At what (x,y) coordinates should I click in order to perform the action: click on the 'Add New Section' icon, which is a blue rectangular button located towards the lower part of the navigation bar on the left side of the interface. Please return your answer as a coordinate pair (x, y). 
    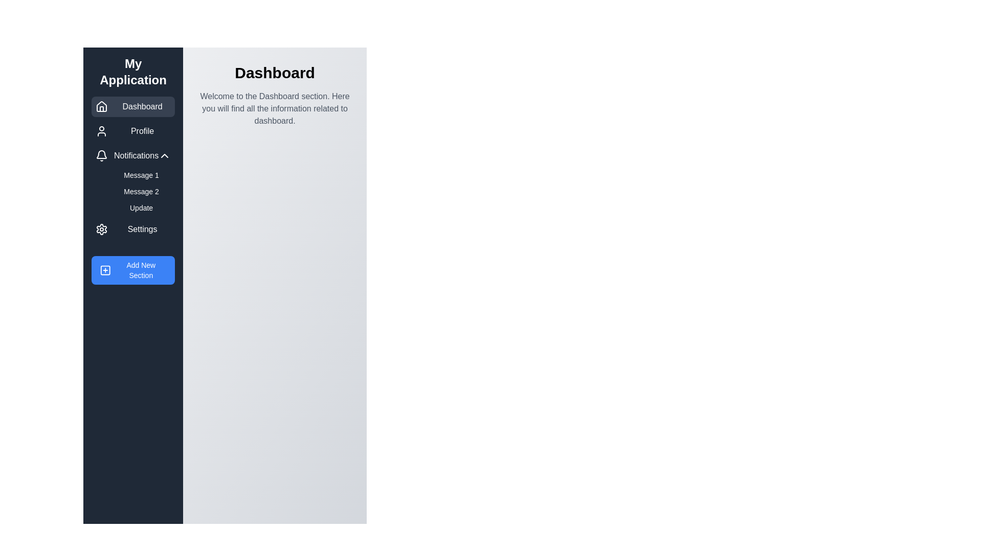
    Looking at the image, I should click on (105, 269).